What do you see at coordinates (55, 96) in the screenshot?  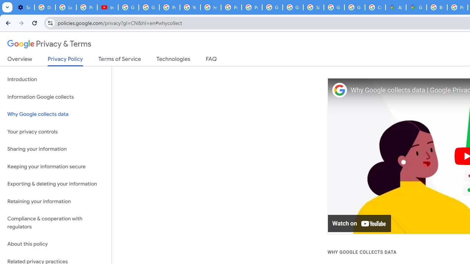 I see `'Information Google collects'` at bounding box center [55, 96].